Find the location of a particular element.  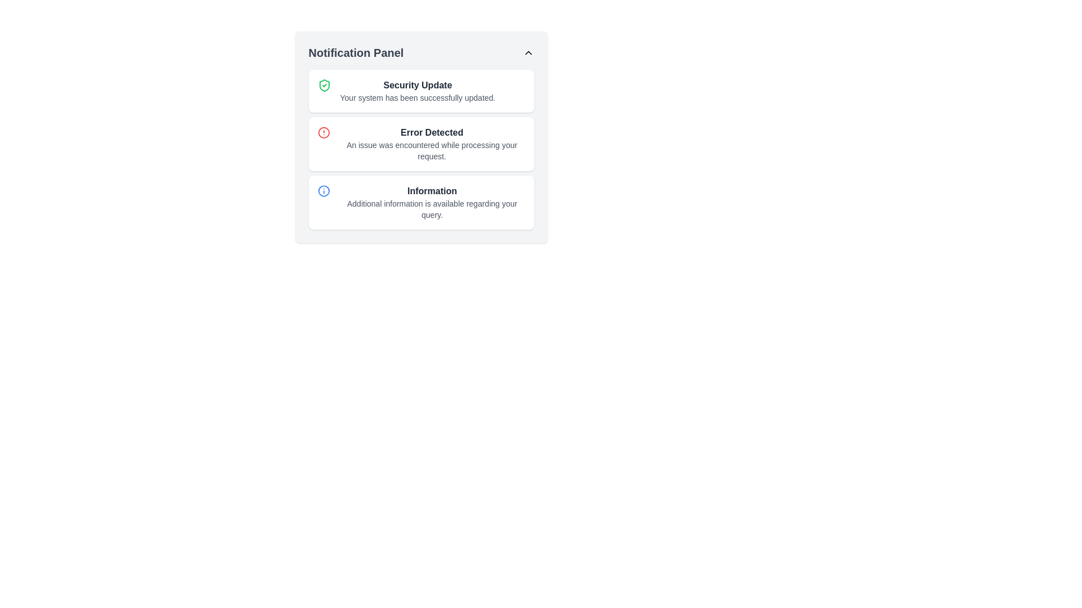

the individual notifications in the Notification Panel, which has a white background and contains blocks for 'Security Update', 'Error Detected', and 'Information' is located at coordinates (420, 136).